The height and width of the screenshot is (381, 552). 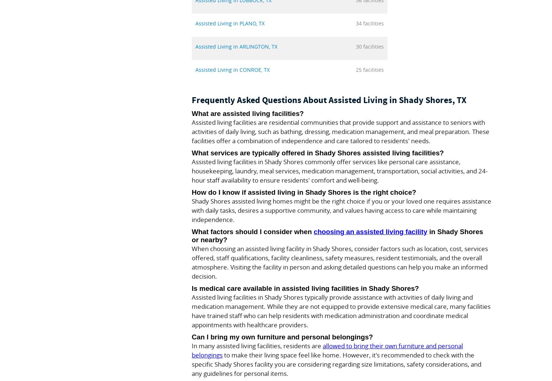 What do you see at coordinates (304, 192) in the screenshot?
I see `'How do I know if assisted living in Shady Shores is the right choice?'` at bounding box center [304, 192].